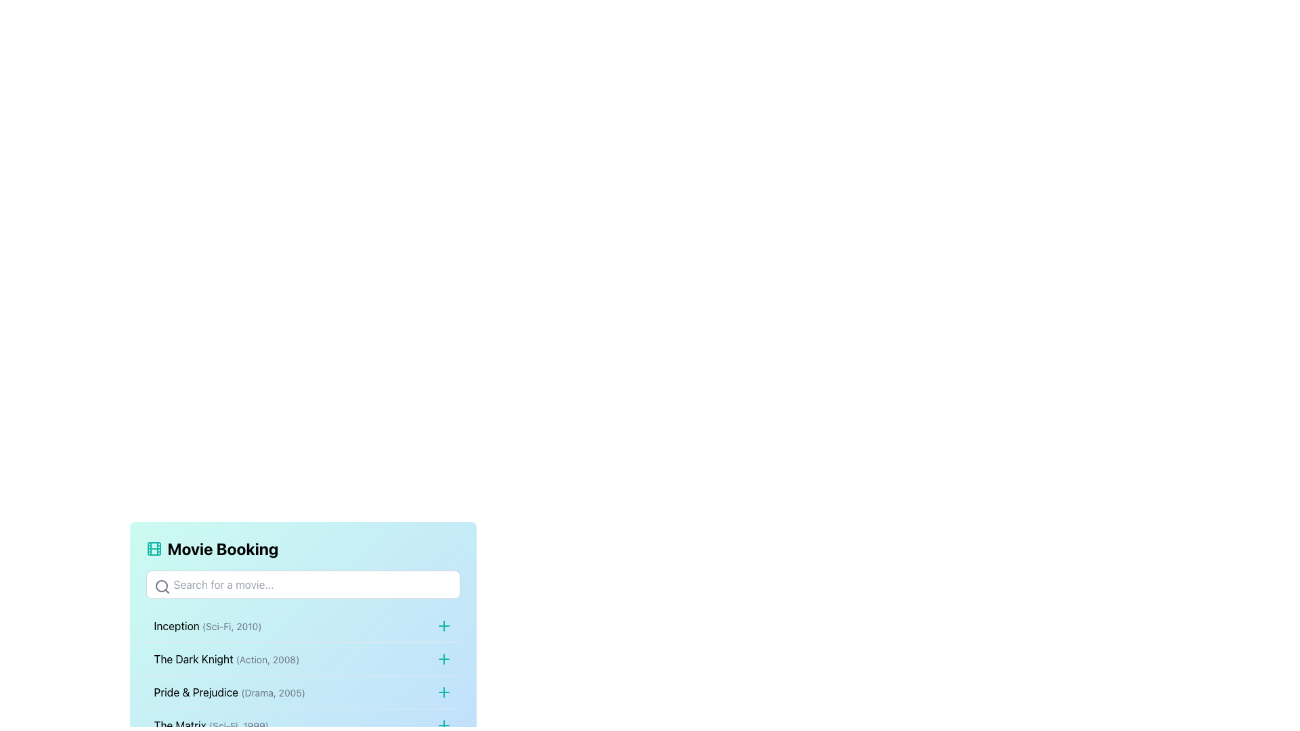  I want to click on the filled circle that represents the lens of the search icon located at the left-top corner of the search input field, so click(161, 585).